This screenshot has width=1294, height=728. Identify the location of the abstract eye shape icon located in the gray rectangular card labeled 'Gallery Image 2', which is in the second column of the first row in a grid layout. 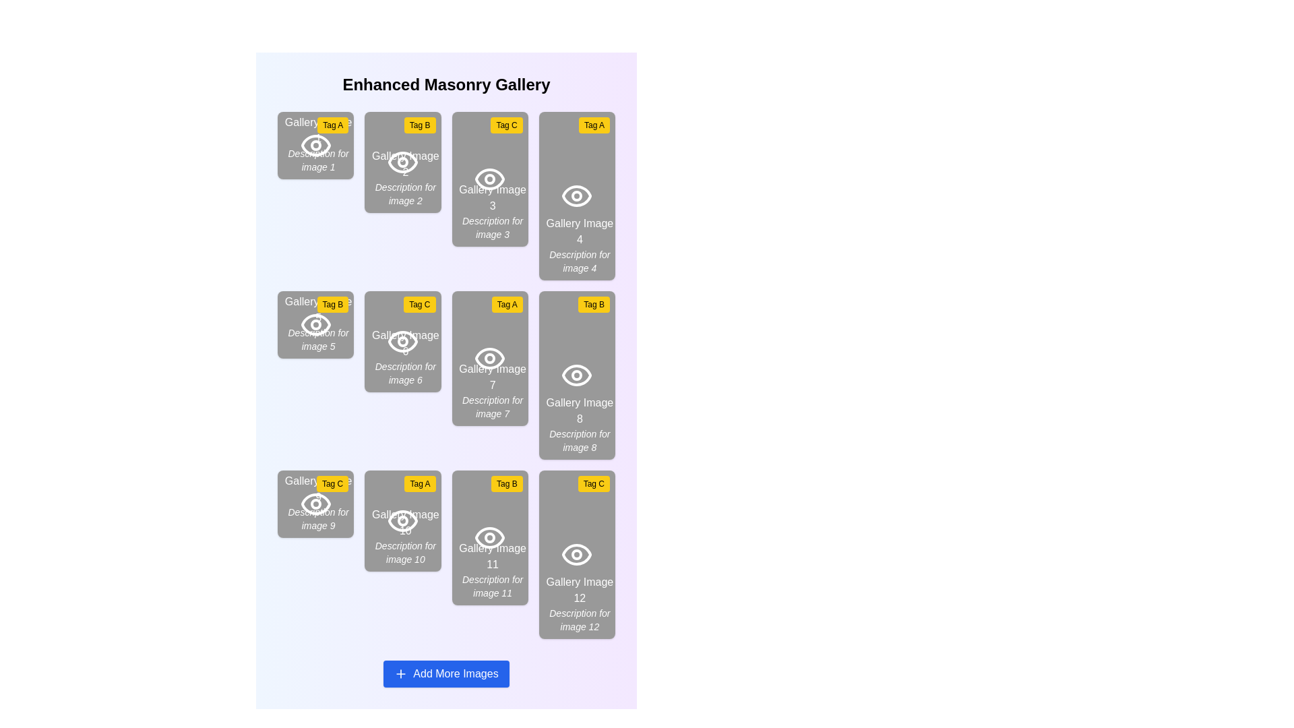
(402, 161).